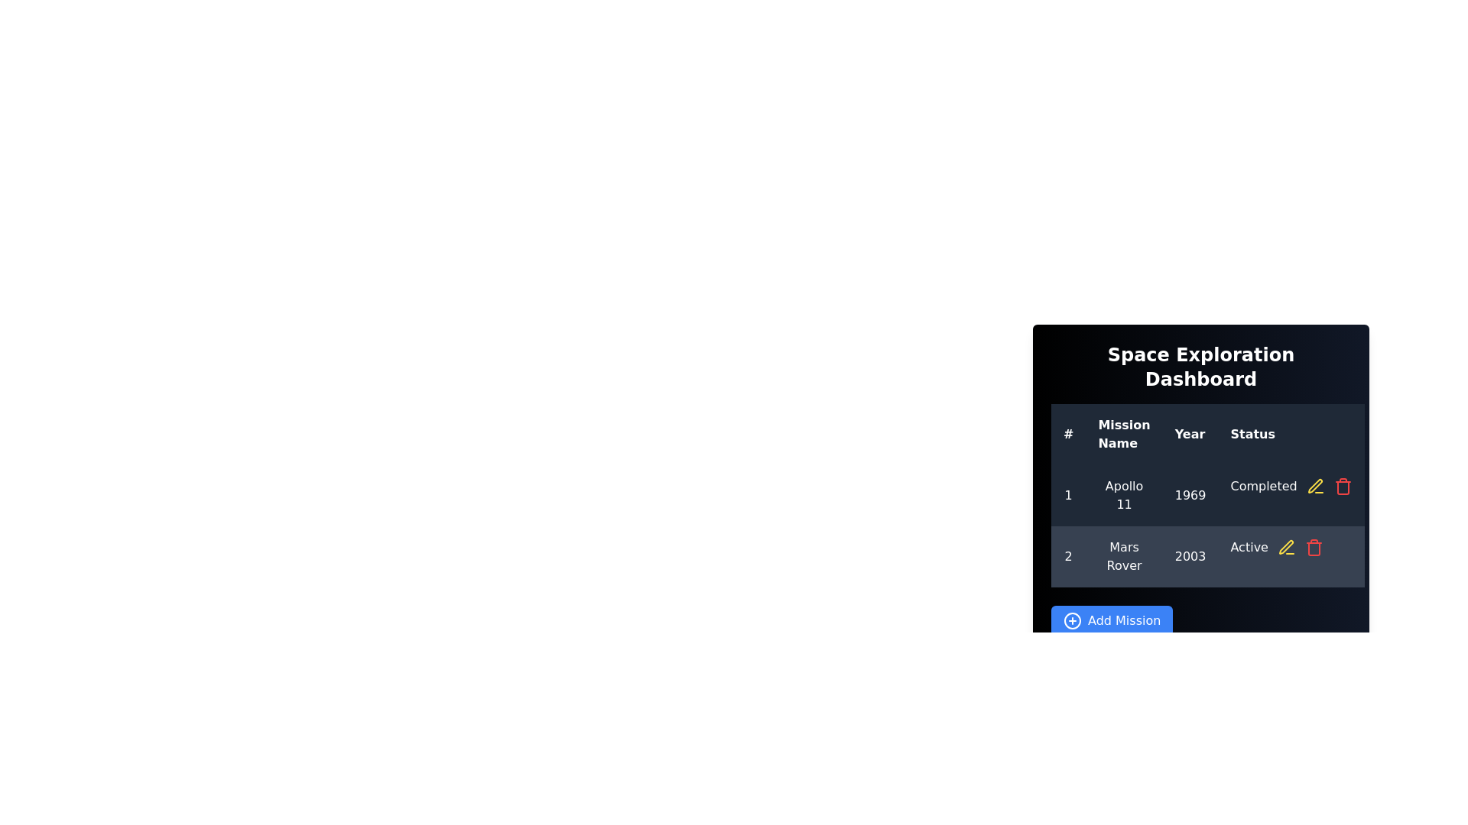 The height and width of the screenshot is (825, 1468). I want to click on the circular plus icon located within the blue 'Add Mission' button, so click(1071, 621).